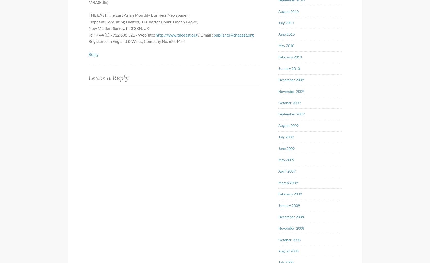  Describe the element at coordinates (286, 159) in the screenshot. I see `'May 2009'` at that location.